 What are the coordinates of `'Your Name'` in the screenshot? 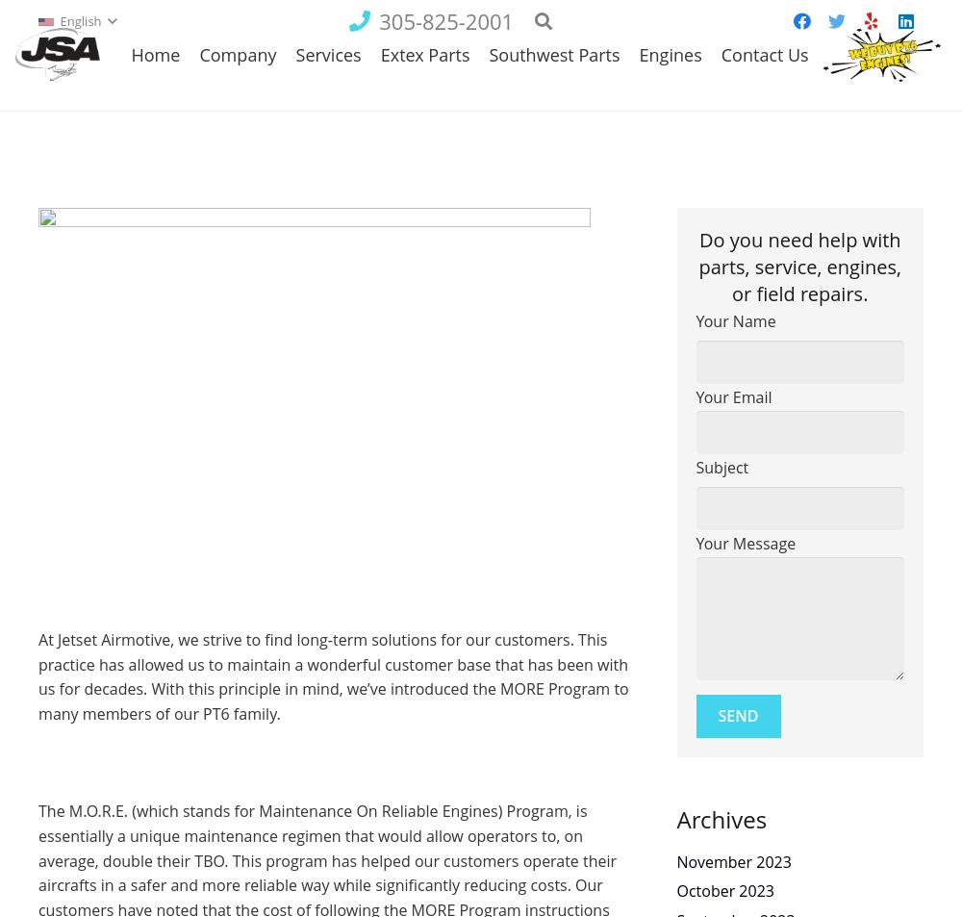 It's located at (735, 320).